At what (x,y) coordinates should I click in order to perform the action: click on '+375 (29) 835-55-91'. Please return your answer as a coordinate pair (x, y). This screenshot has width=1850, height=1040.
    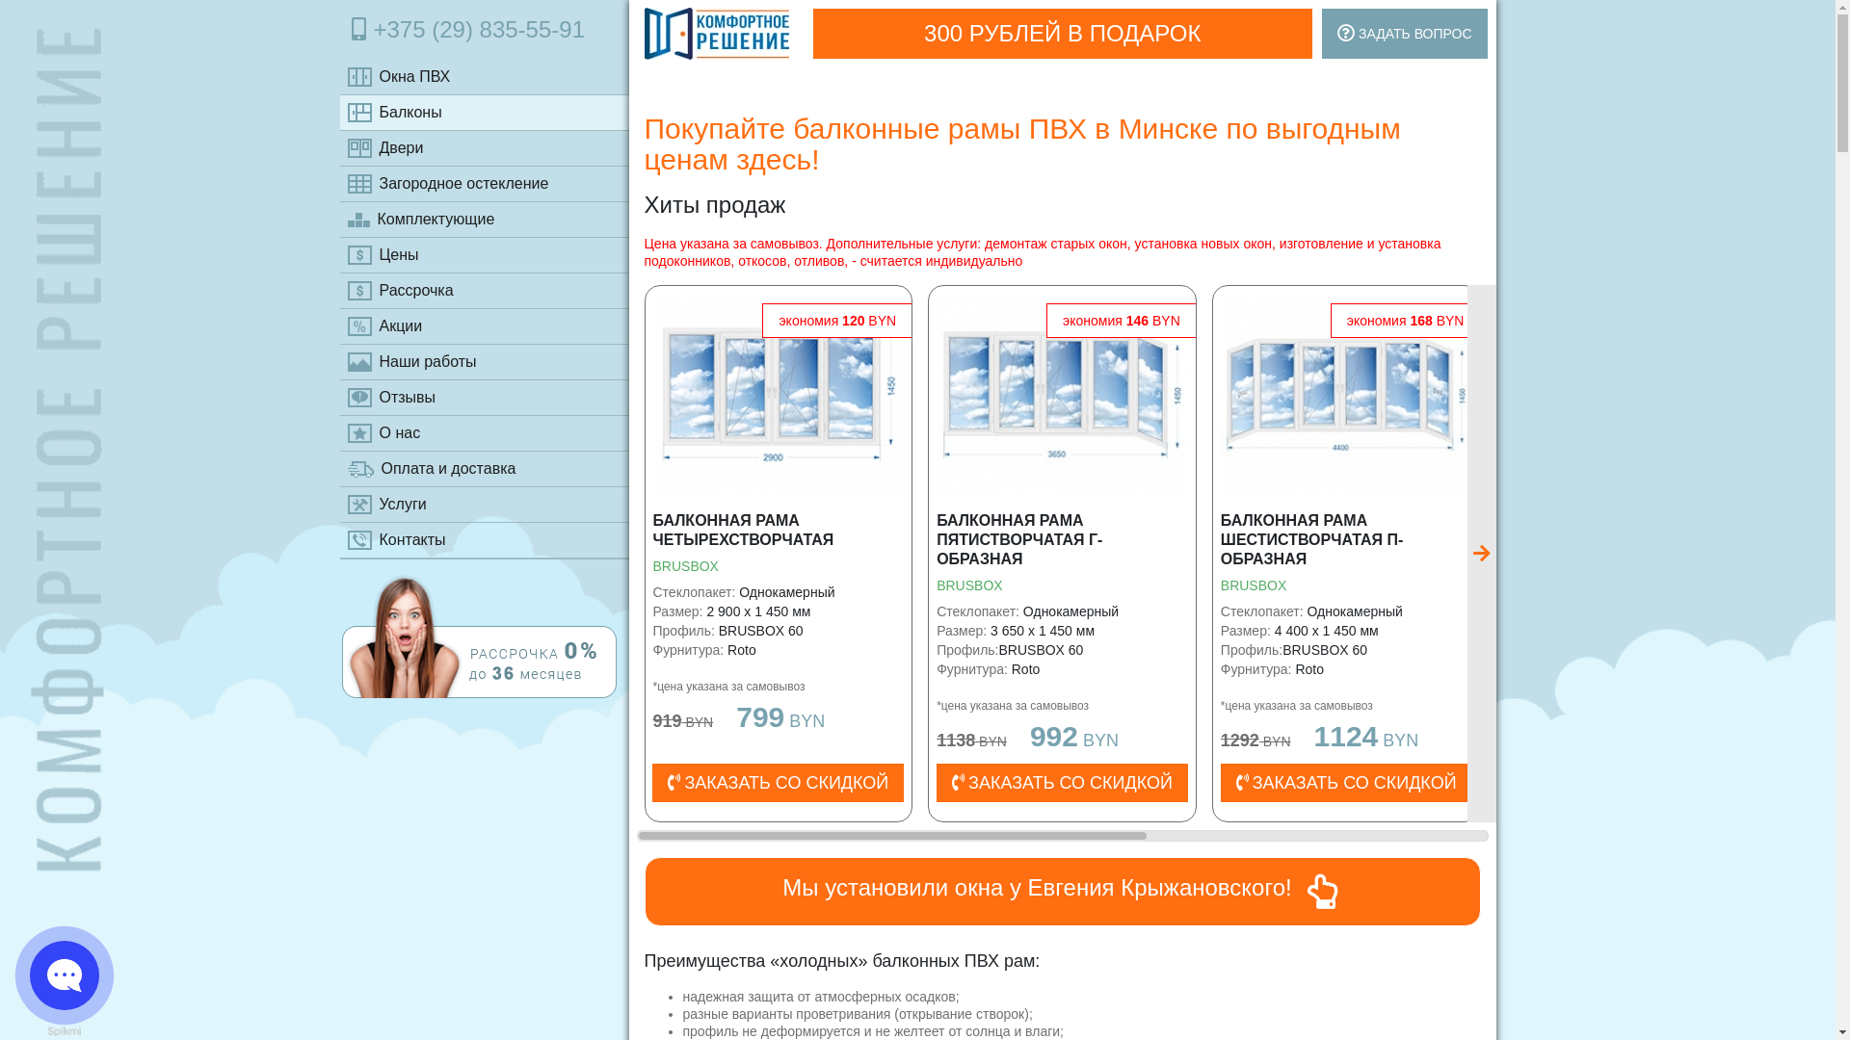
    Looking at the image, I should click on (484, 29).